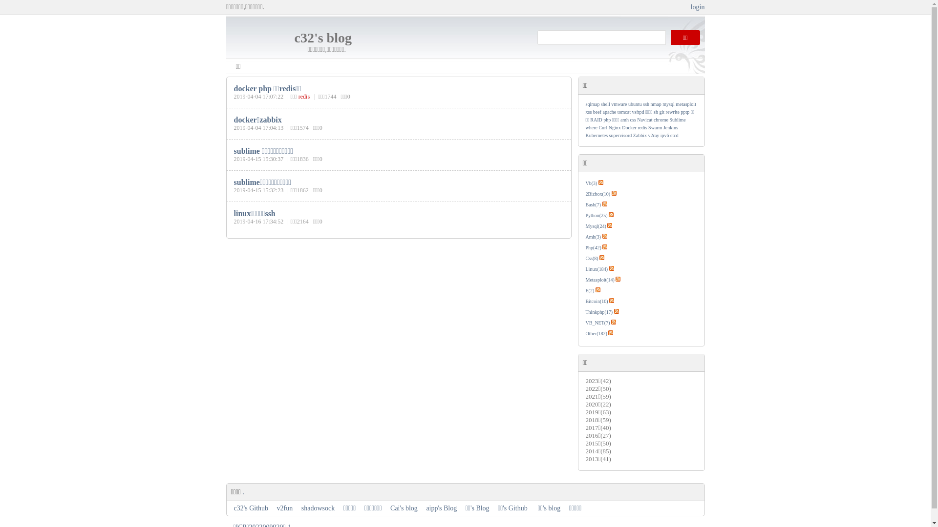 The image size is (938, 527). I want to click on 'login', so click(690, 7).